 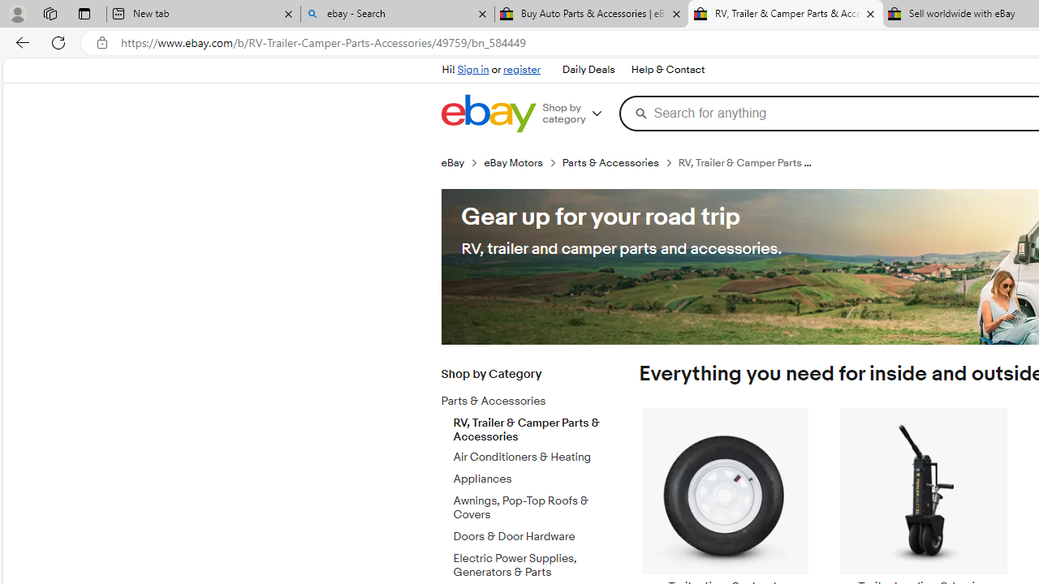 I want to click on 'Air Conditioners & Heating', so click(x=530, y=454).